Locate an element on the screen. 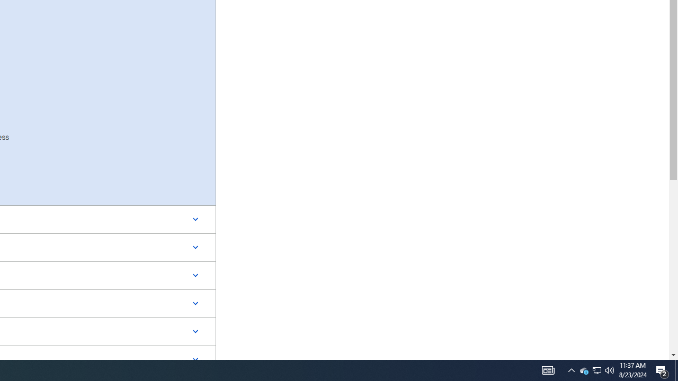 Image resolution: width=678 pixels, height=381 pixels. 'User Promoted Notification Area' is located at coordinates (597, 369).